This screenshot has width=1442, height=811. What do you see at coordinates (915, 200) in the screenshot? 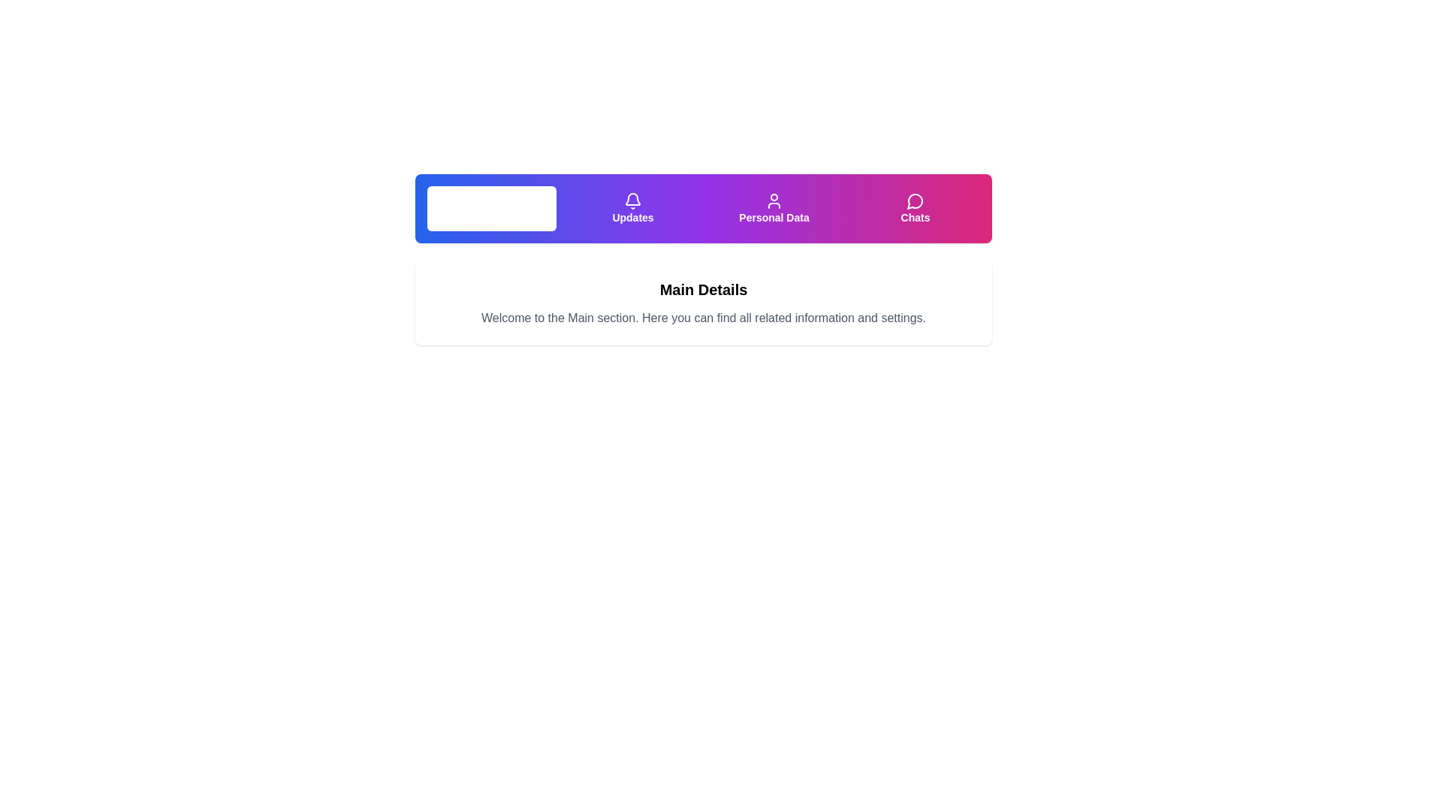
I see `the circular speech bubble icon with a gradient purplish shade, located on the rightmost side of the navigation bar` at bounding box center [915, 200].